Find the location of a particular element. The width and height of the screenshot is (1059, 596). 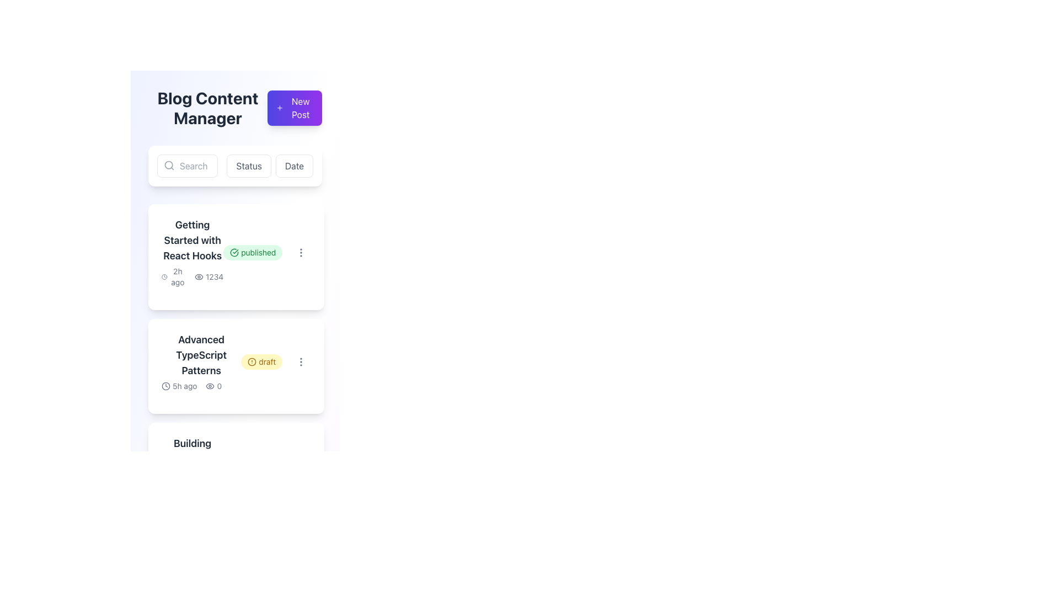

the content of the 'published' status label, which is a pill-shaped label with a green background and a checkmark icon, located at the top section of the blog entry card titled 'Getting Started with React Hooks' is located at coordinates (252, 253).